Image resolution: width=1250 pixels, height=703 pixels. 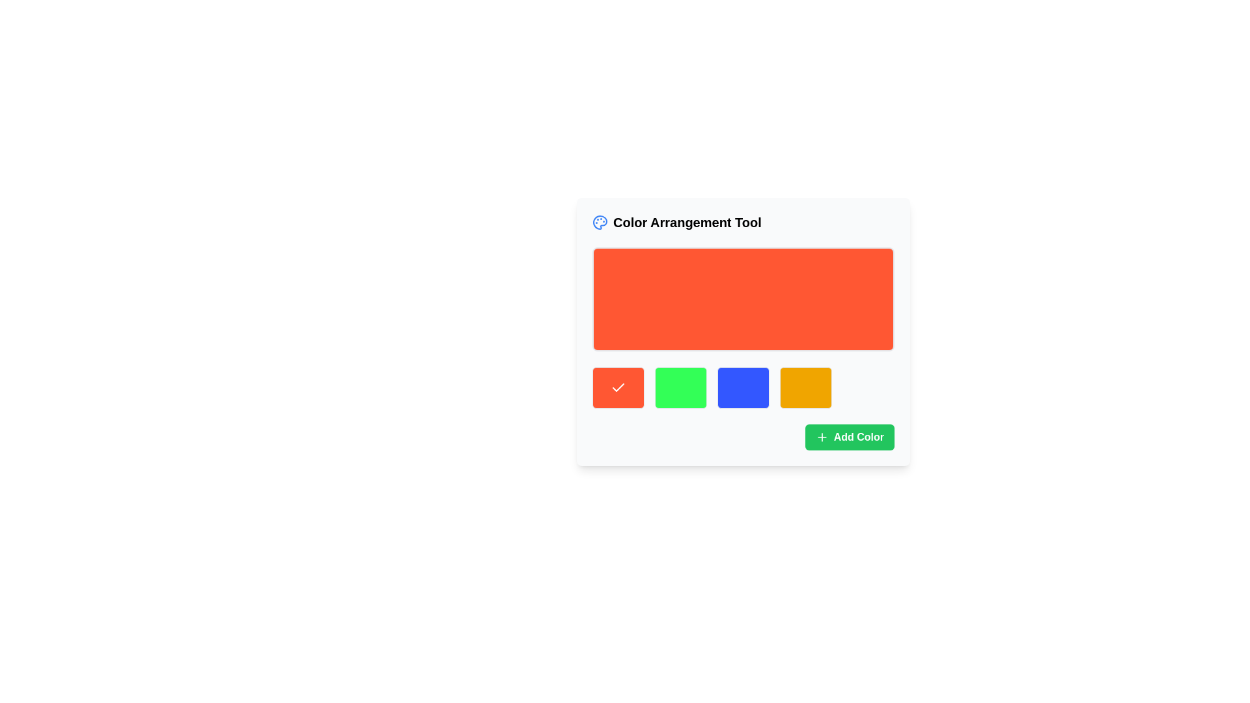 What do you see at coordinates (680, 387) in the screenshot?
I see `the selectable grid item with a bright green background located in the center row of a five-column grid, specifically the third segment from the left` at bounding box center [680, 387].